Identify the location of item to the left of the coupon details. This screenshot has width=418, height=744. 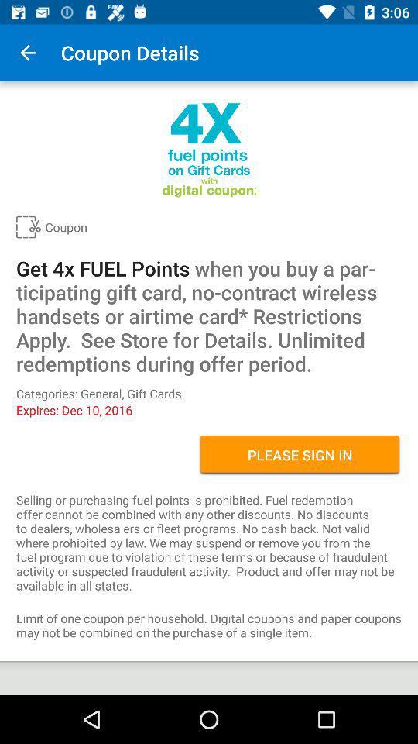
(28, 53).